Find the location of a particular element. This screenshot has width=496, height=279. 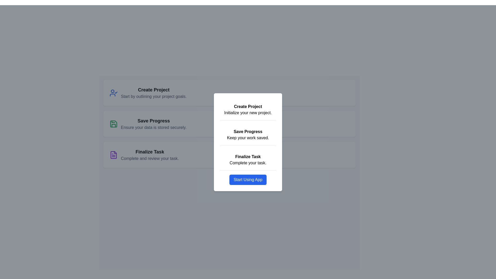

the rectangular button labeled 'Start Using App' with bold white text on a bright blue background, located at the bottom of the modal dialog is located at coordinates (248, 179).